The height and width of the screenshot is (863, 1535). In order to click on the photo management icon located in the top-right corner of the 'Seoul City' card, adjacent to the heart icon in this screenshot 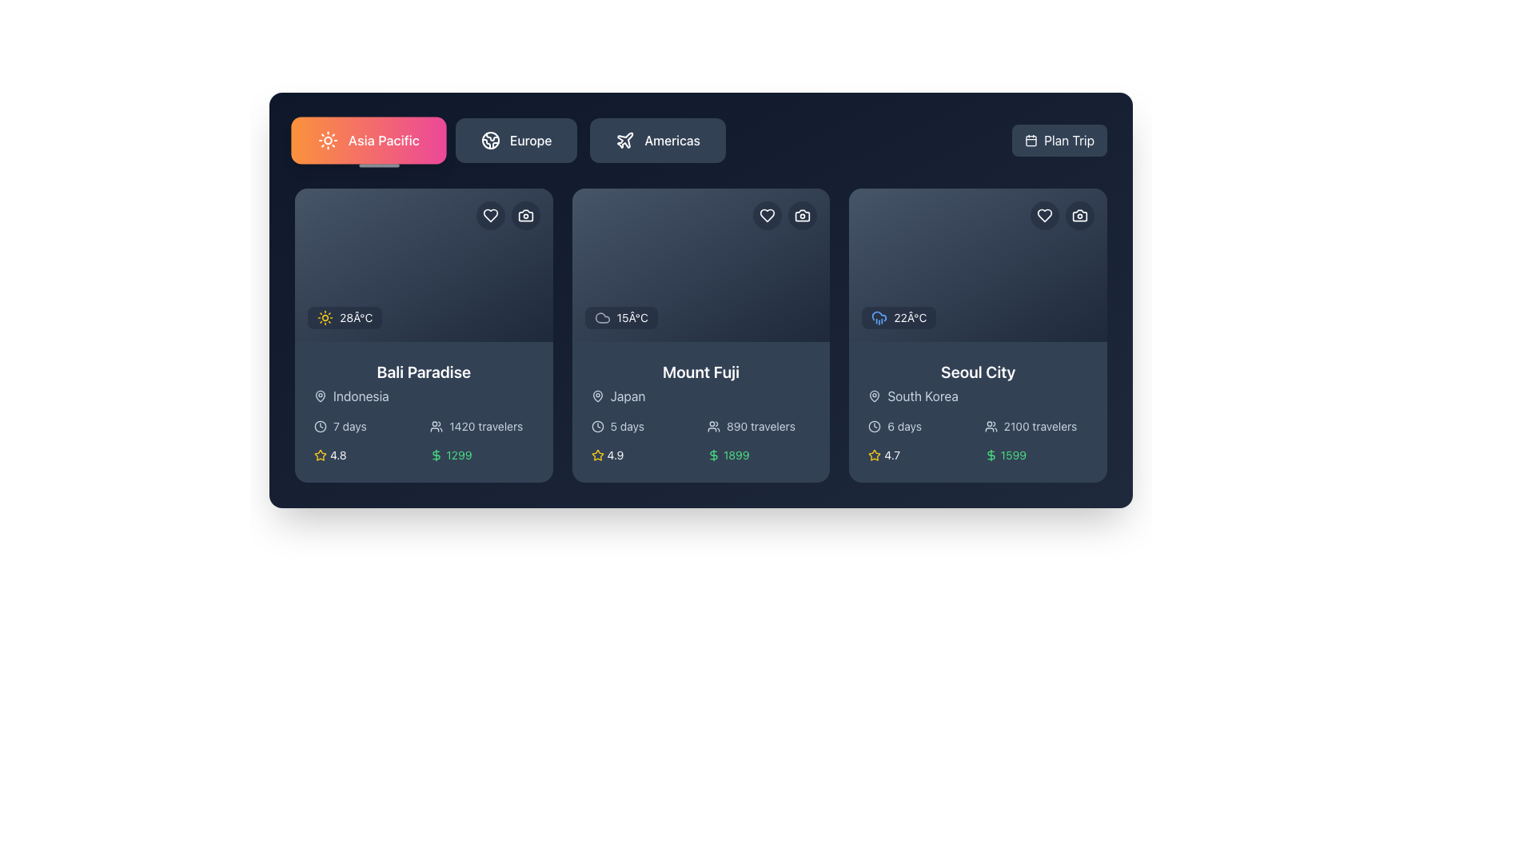, I will do `click(1079, 216)`.